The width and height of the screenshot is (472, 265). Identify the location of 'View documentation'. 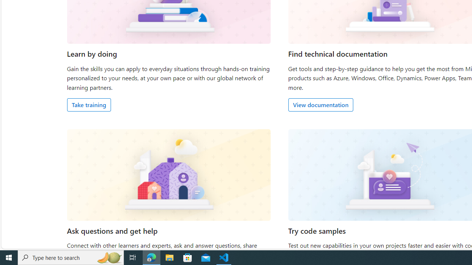
(320, 105).